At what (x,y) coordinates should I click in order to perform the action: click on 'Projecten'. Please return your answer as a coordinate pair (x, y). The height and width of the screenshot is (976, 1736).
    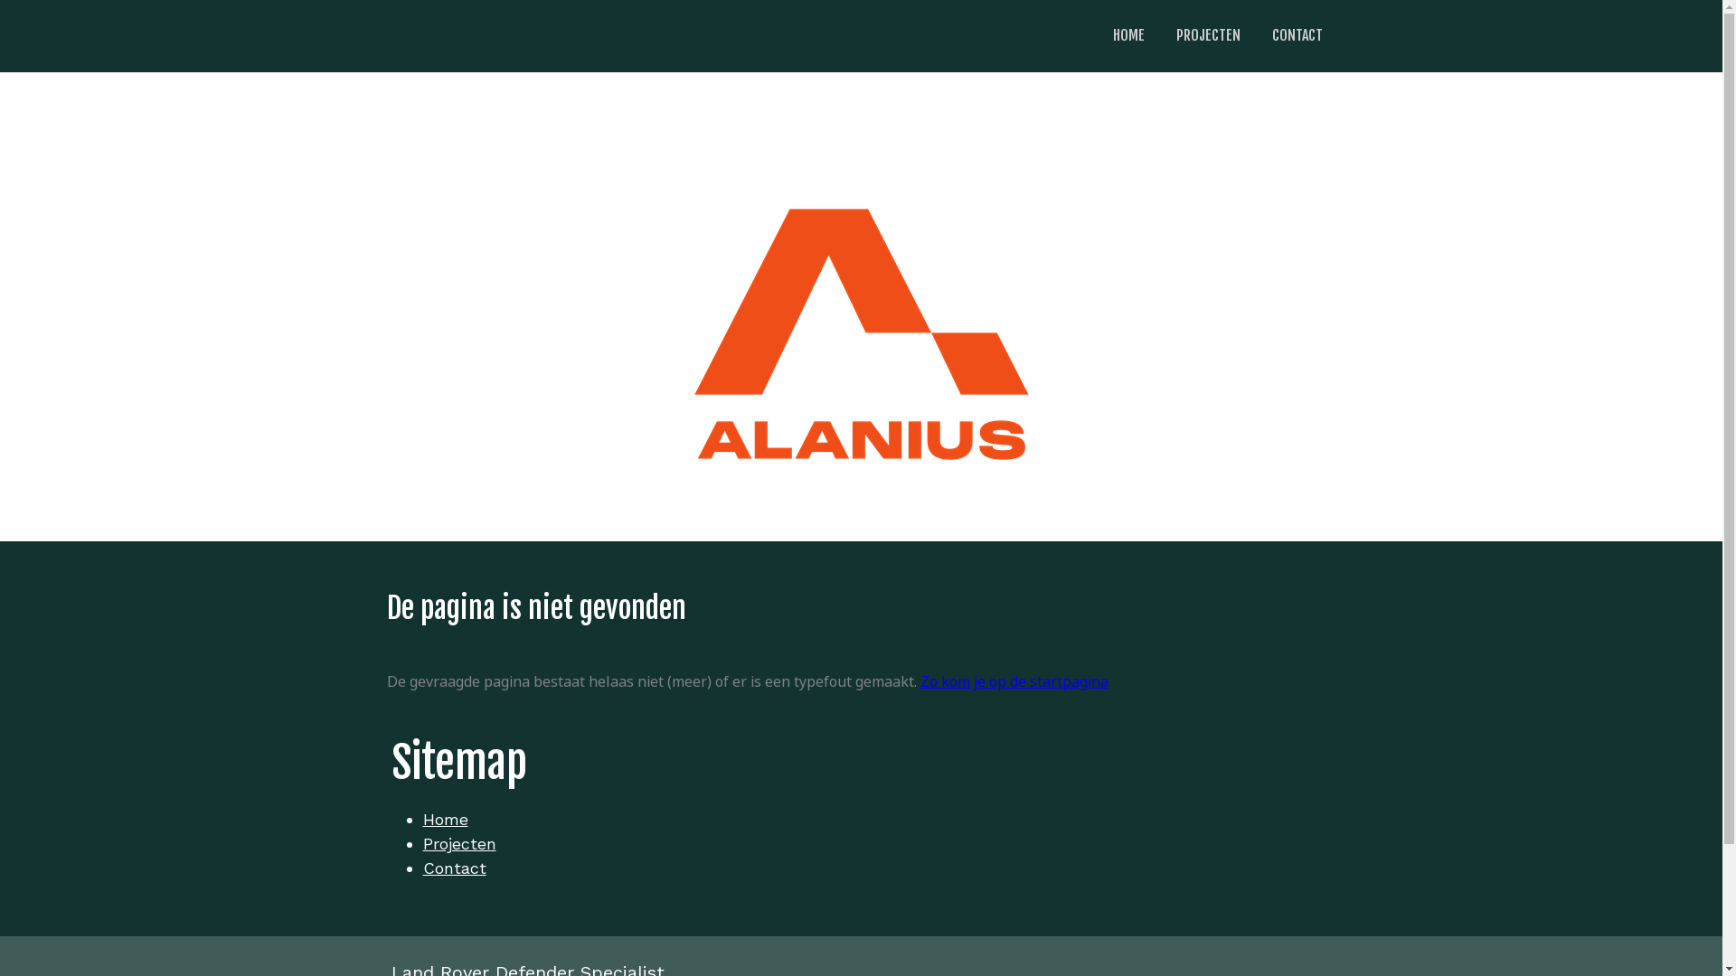
    Looking at the image, I should click on (421, 843).